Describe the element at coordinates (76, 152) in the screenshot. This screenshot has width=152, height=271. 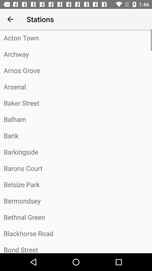
I see `item below the bank` at that location.